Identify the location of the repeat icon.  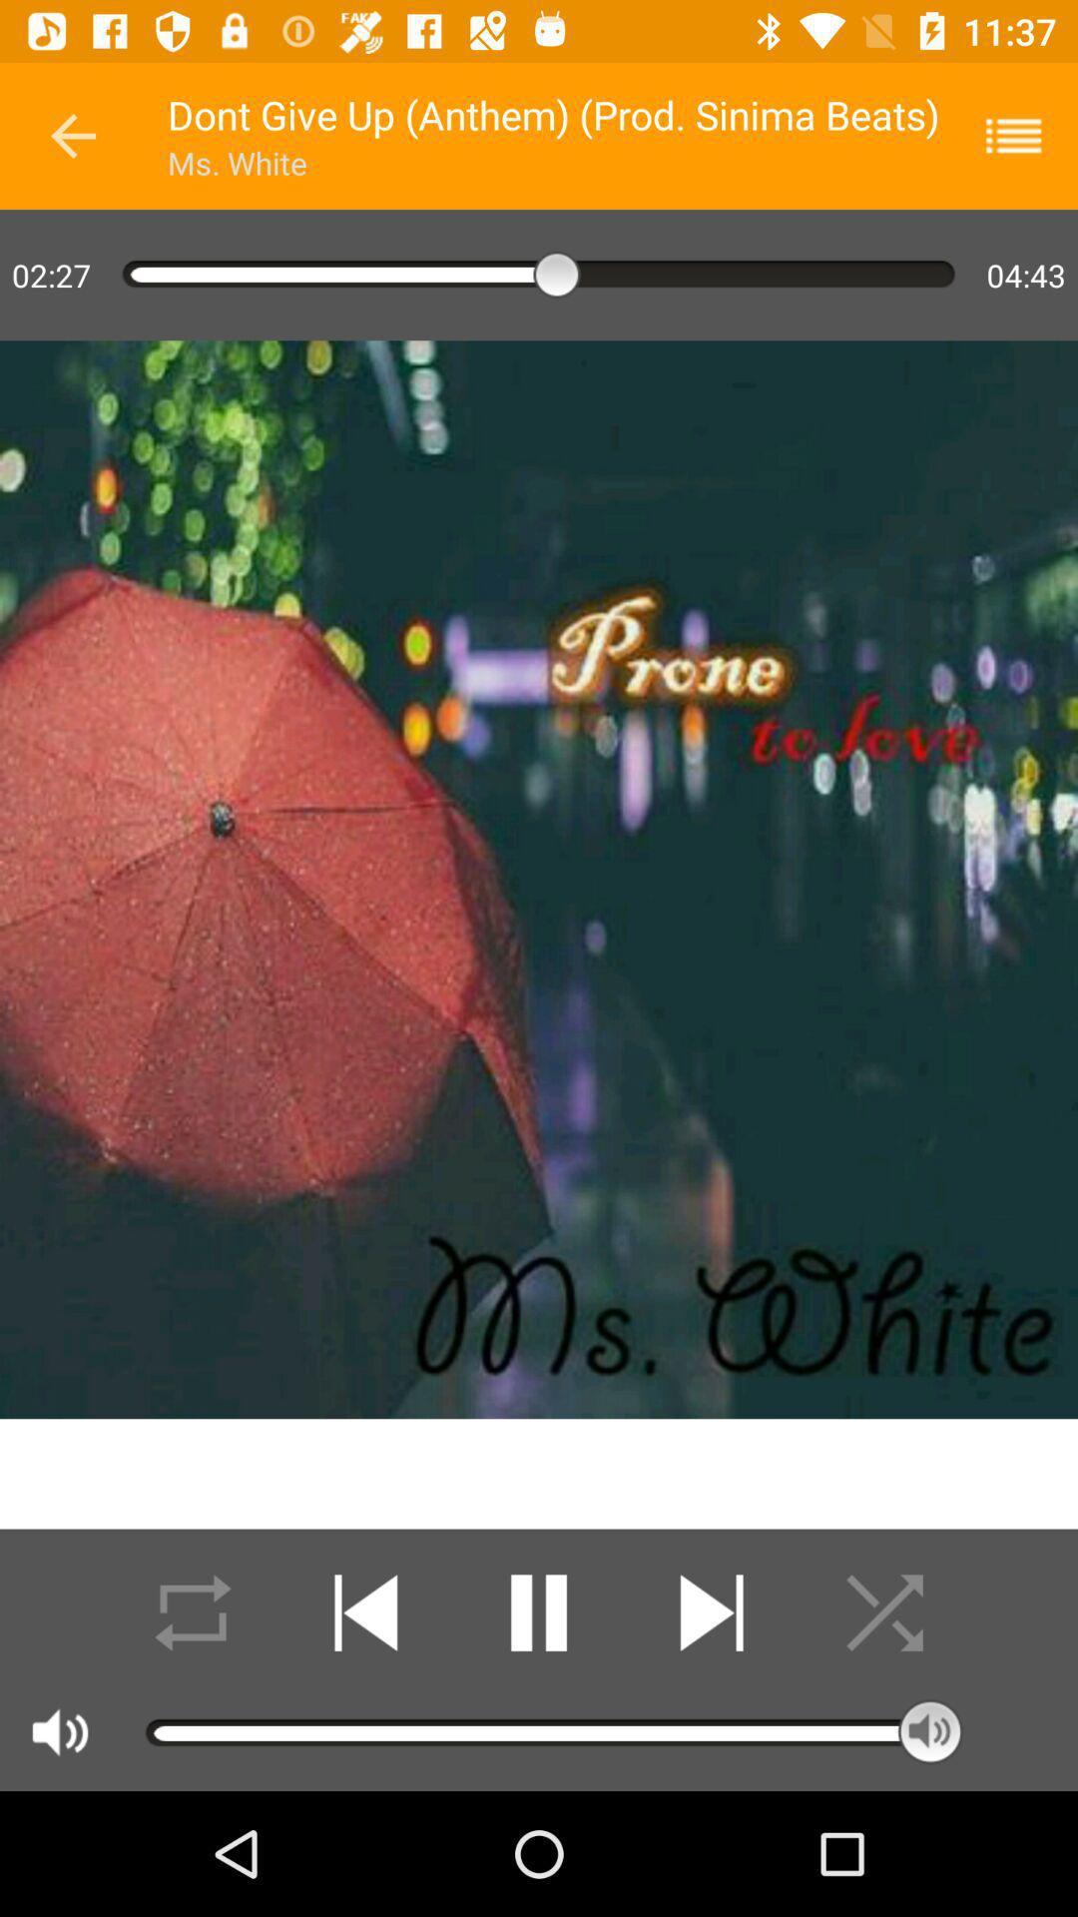
(193, 1612).